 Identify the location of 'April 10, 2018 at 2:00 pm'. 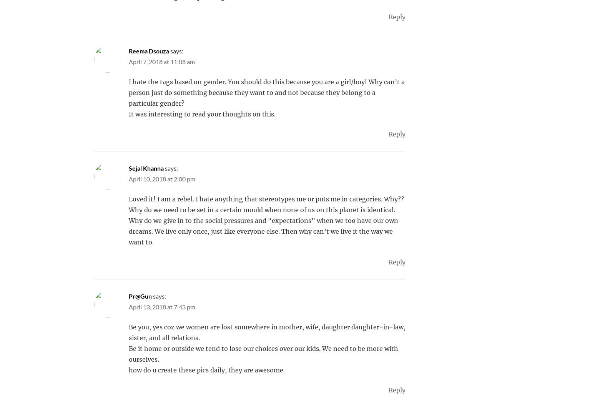
(161, 179).